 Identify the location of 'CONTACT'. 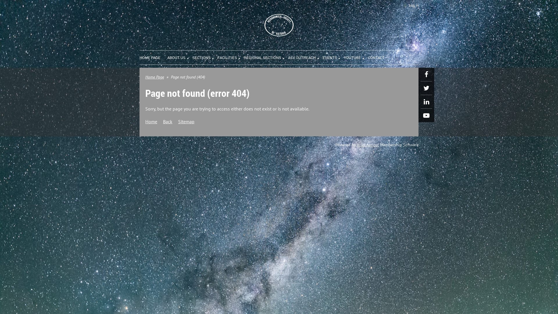
(368, 57).